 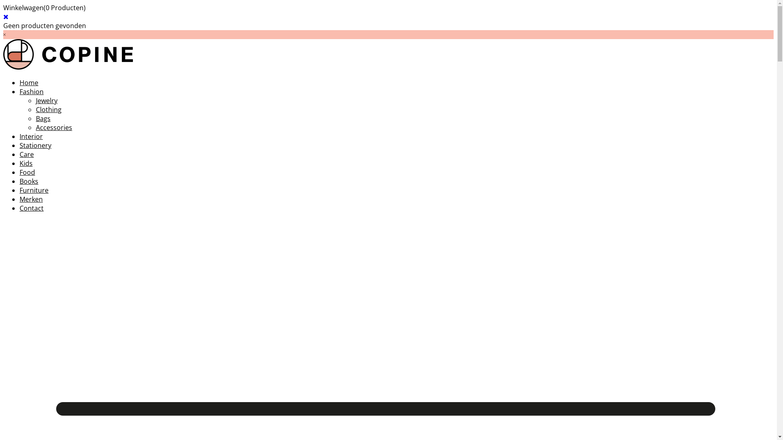 What do you see at coordinates (31, 199) in the screenshot?
I see `'Merken'` at bounding box center [31, 199].